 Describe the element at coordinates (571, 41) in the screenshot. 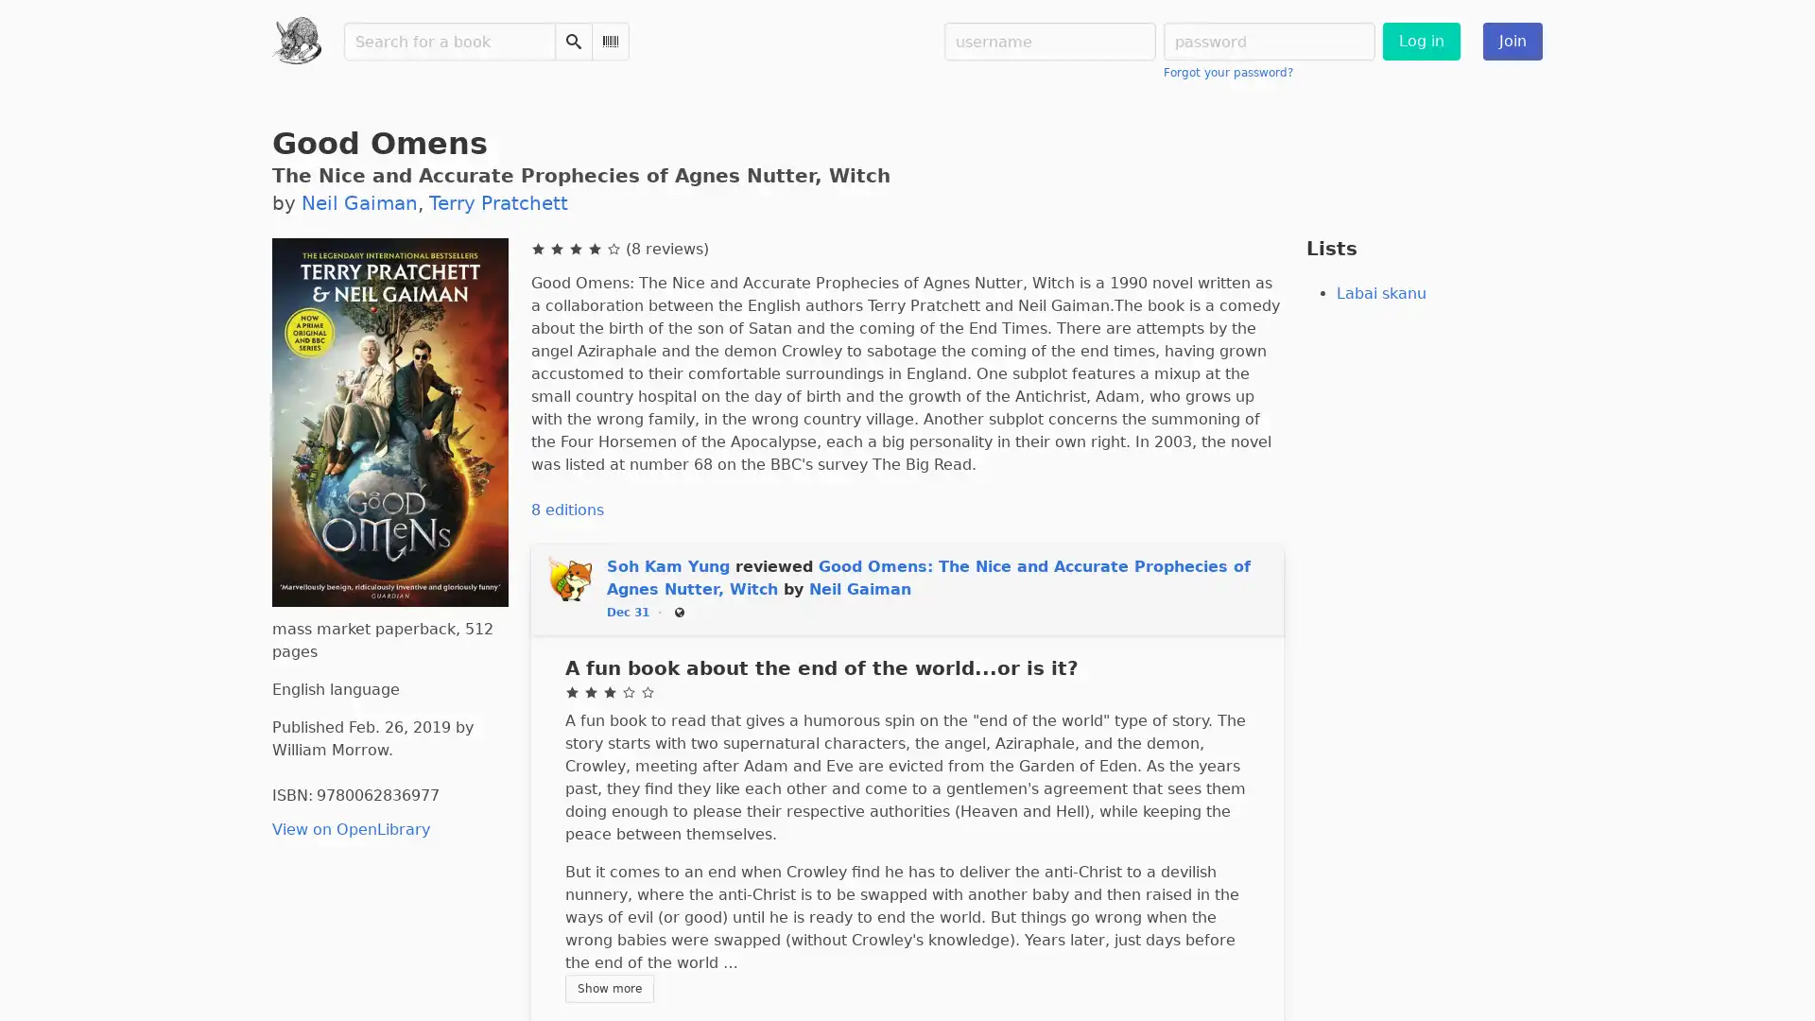

I see `Search` at that location.